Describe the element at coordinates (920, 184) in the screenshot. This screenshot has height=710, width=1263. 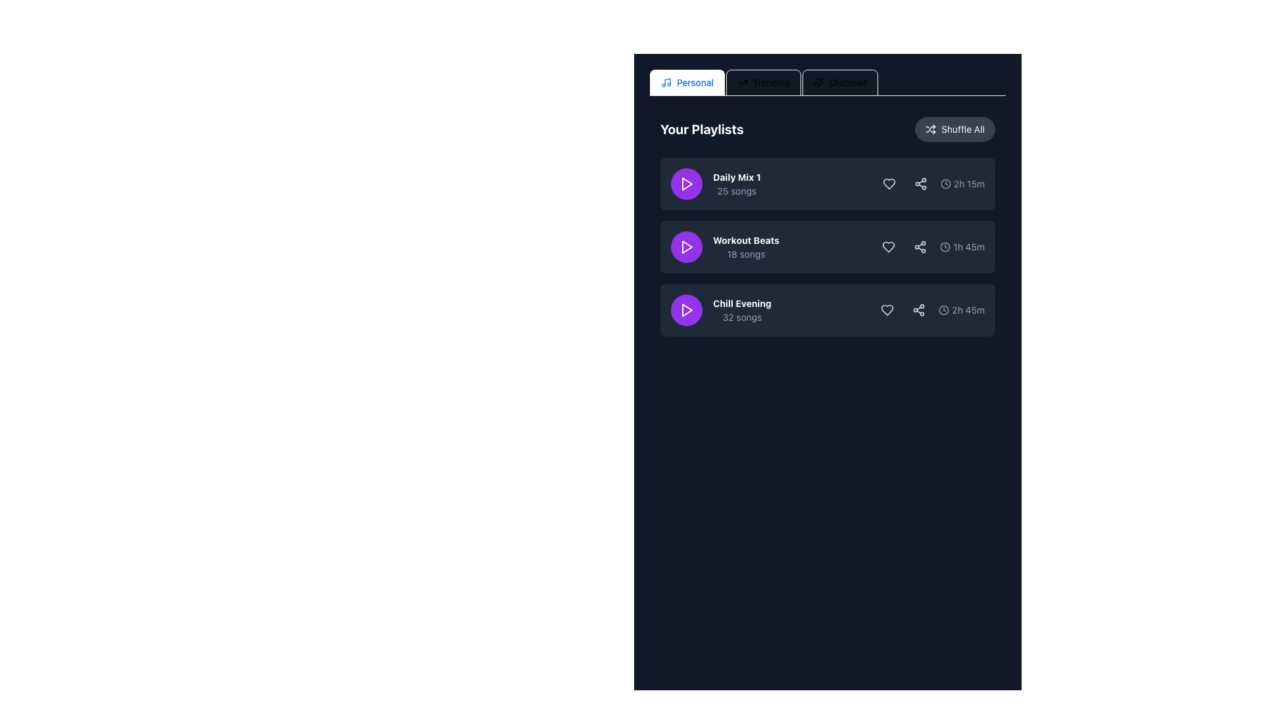
I see `the share button located as the third interactive button in the 'Daily Mix 1' playlist item to observe a styling change` at that location.